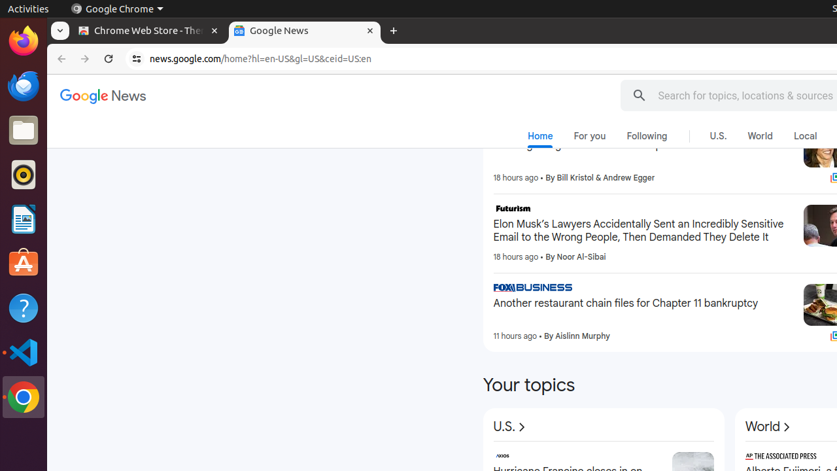 The width and height of the screenshot is (837, 471). What do you see at coordinates (116, 9) in the screenshot?
I see `'Google Chrome'` at bounding box center [116, 9].